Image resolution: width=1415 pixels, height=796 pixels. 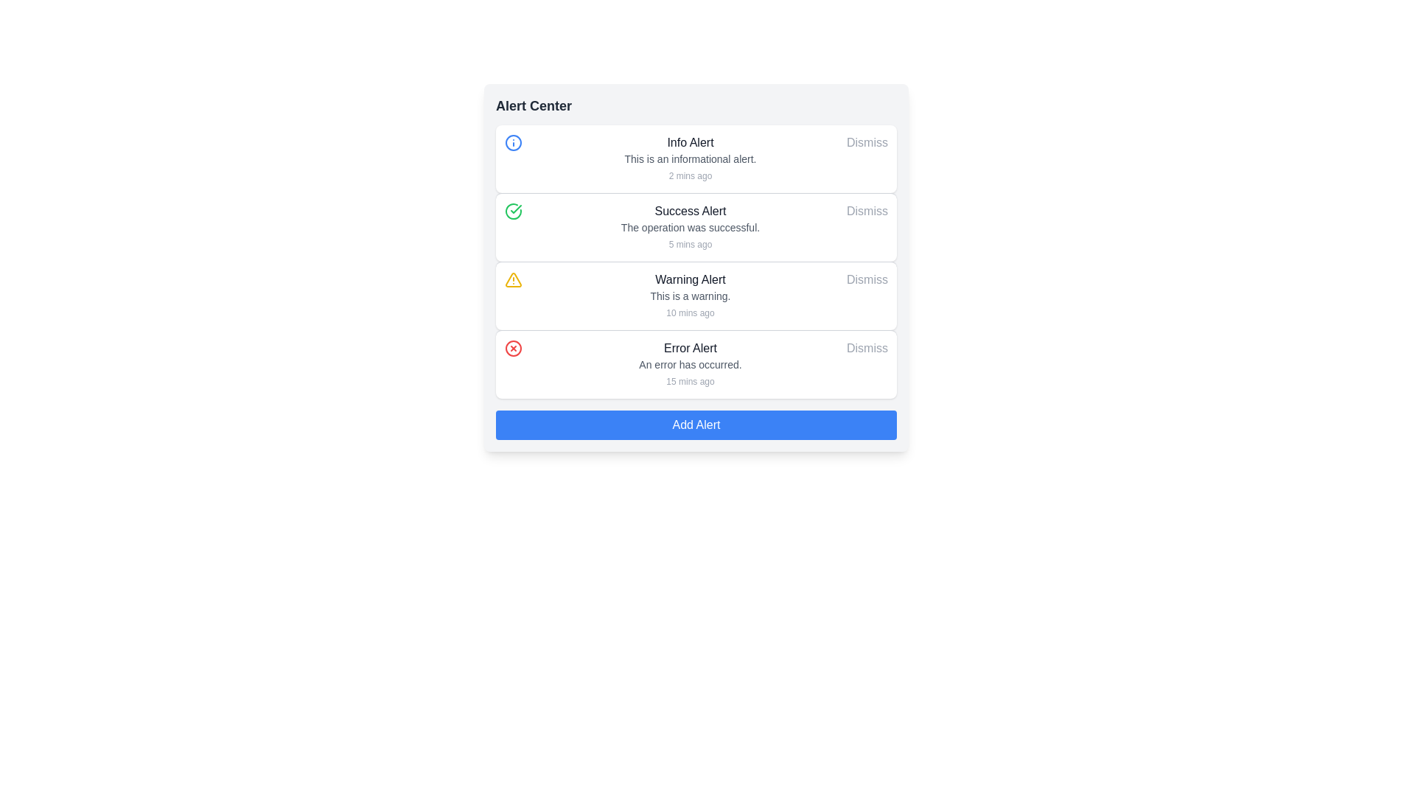 What do you see at coordinates (513, 142) in the screenshot?
I see `the blue informational icon in the top-left corner of the first alert card, adjacent to the 'Info Alert' text` at bounding box center [513, 142].